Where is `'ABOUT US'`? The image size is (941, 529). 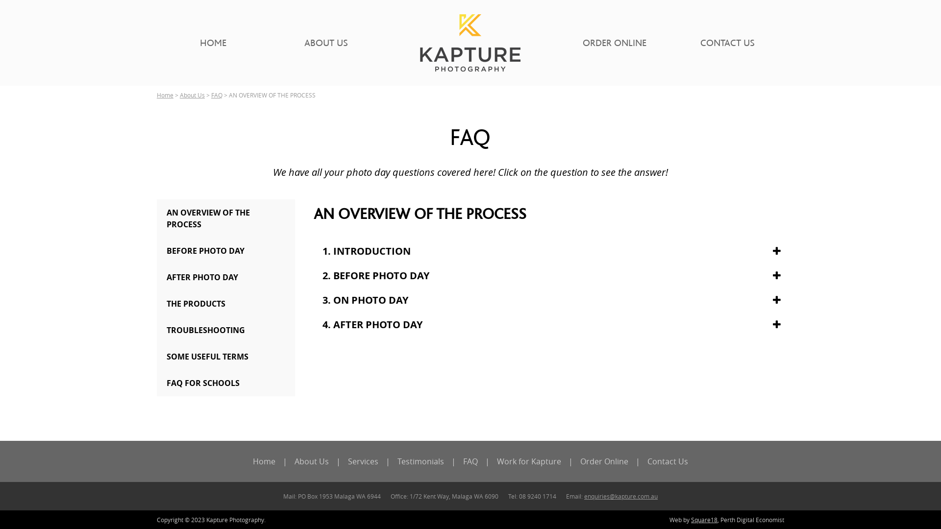
'ABOUT US' is located at coordinates (326, 42).